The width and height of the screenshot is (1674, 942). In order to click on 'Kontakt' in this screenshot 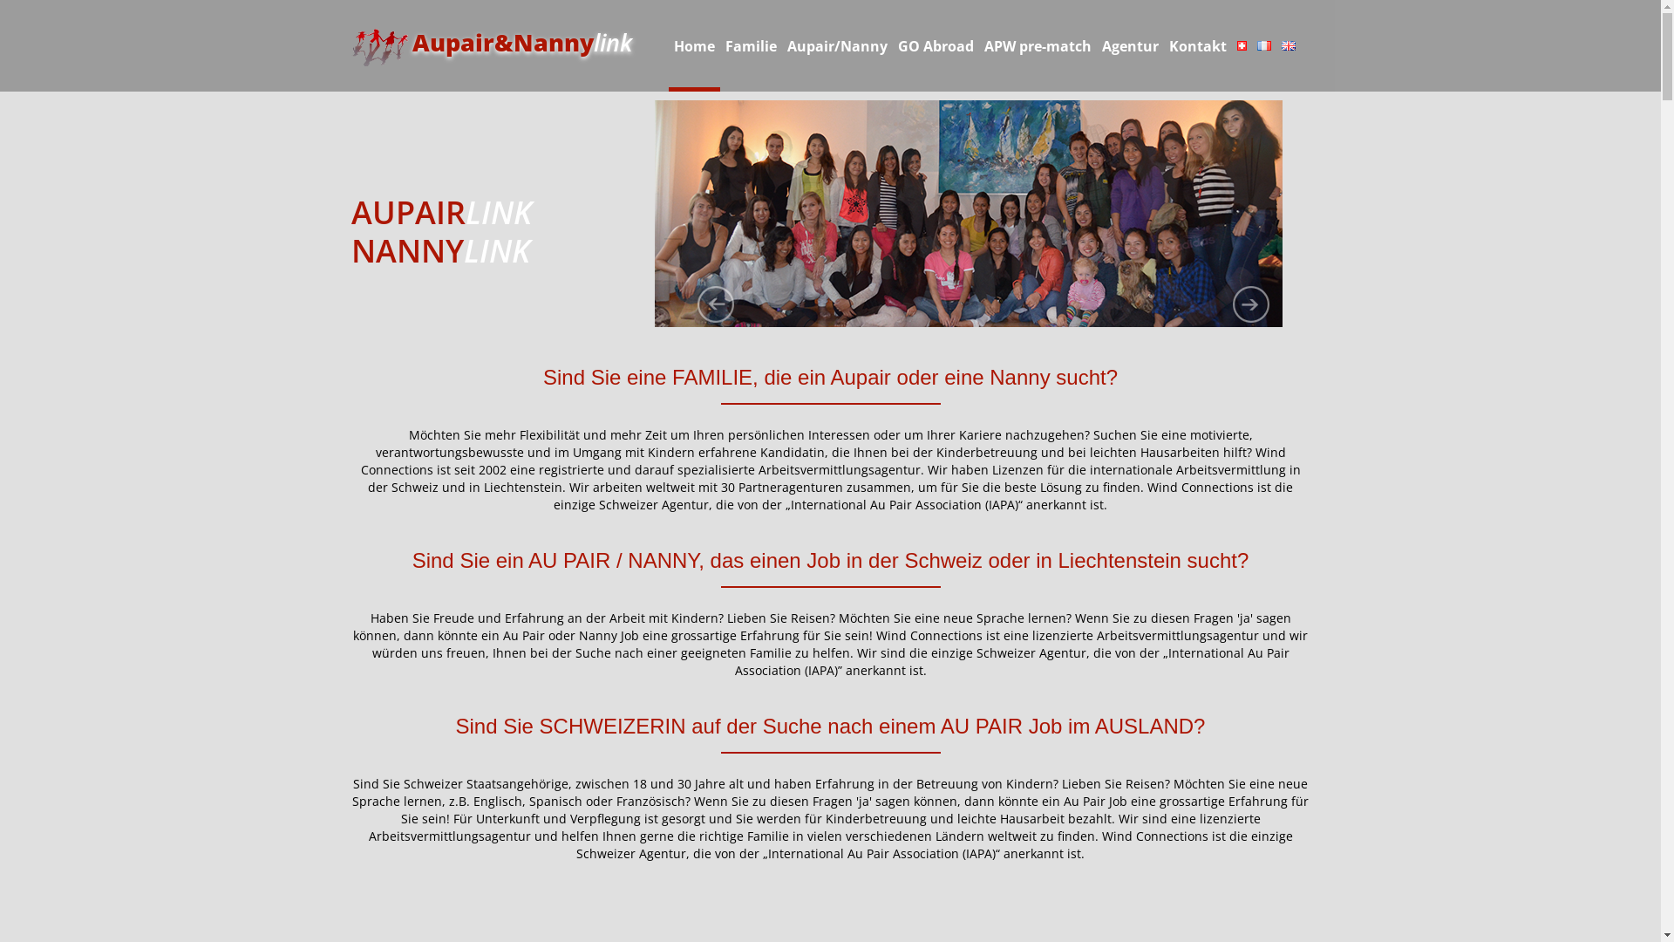, I will do `click(1195, 43)`.